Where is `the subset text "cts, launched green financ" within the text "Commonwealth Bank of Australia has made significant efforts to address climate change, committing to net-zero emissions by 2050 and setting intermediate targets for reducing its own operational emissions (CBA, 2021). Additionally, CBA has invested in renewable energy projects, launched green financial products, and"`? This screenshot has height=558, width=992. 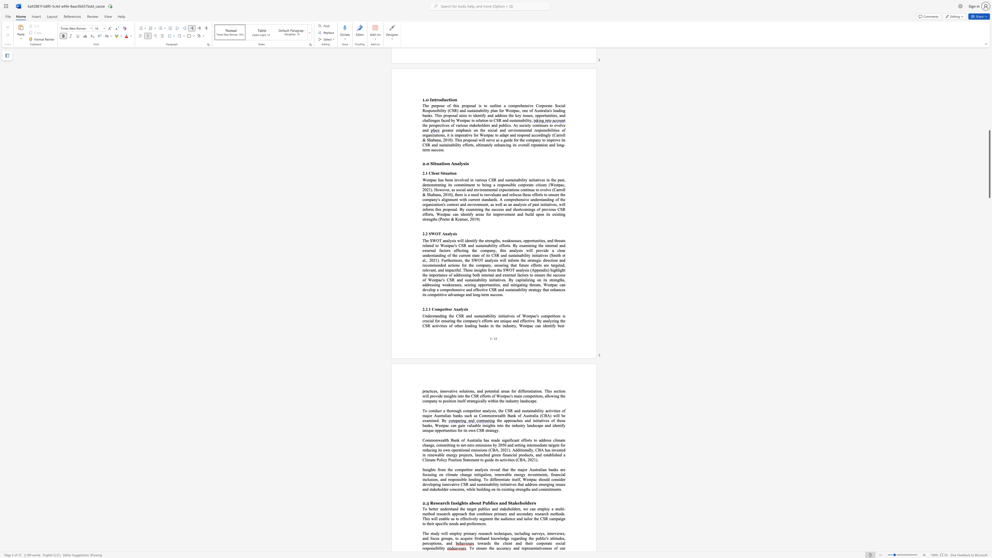
the subset text "cts, launched green financ" within the text "Commonwealth Bank of Australia has made significant efforts to address climate change, committing to net-zero emissions by 2050 and setting intermediate targets for reducing its own operational emissions (CBA, 2021). Additionally, CBA has invested in renewable energy projects, launched green financial products, and" is located at coordinates (468, 455).